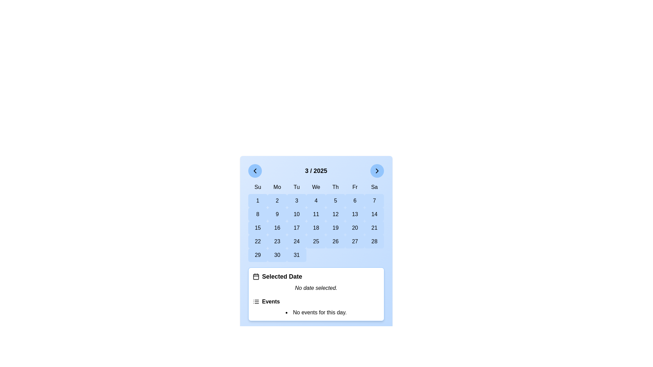 This screenshot has height=367, width=653. I want to click on the 'Selected Date' label which is styled in bold and large dark text, positioned beneath the calendar representation and above the descriptive text indicating the selected date status, so click(282, 276).